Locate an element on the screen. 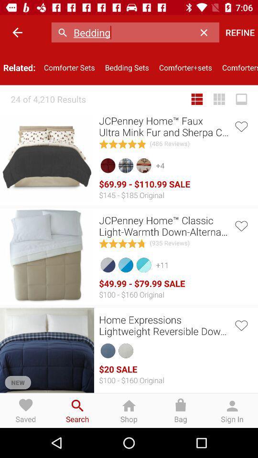  hit the third heart is located at coordinates (240, 324).